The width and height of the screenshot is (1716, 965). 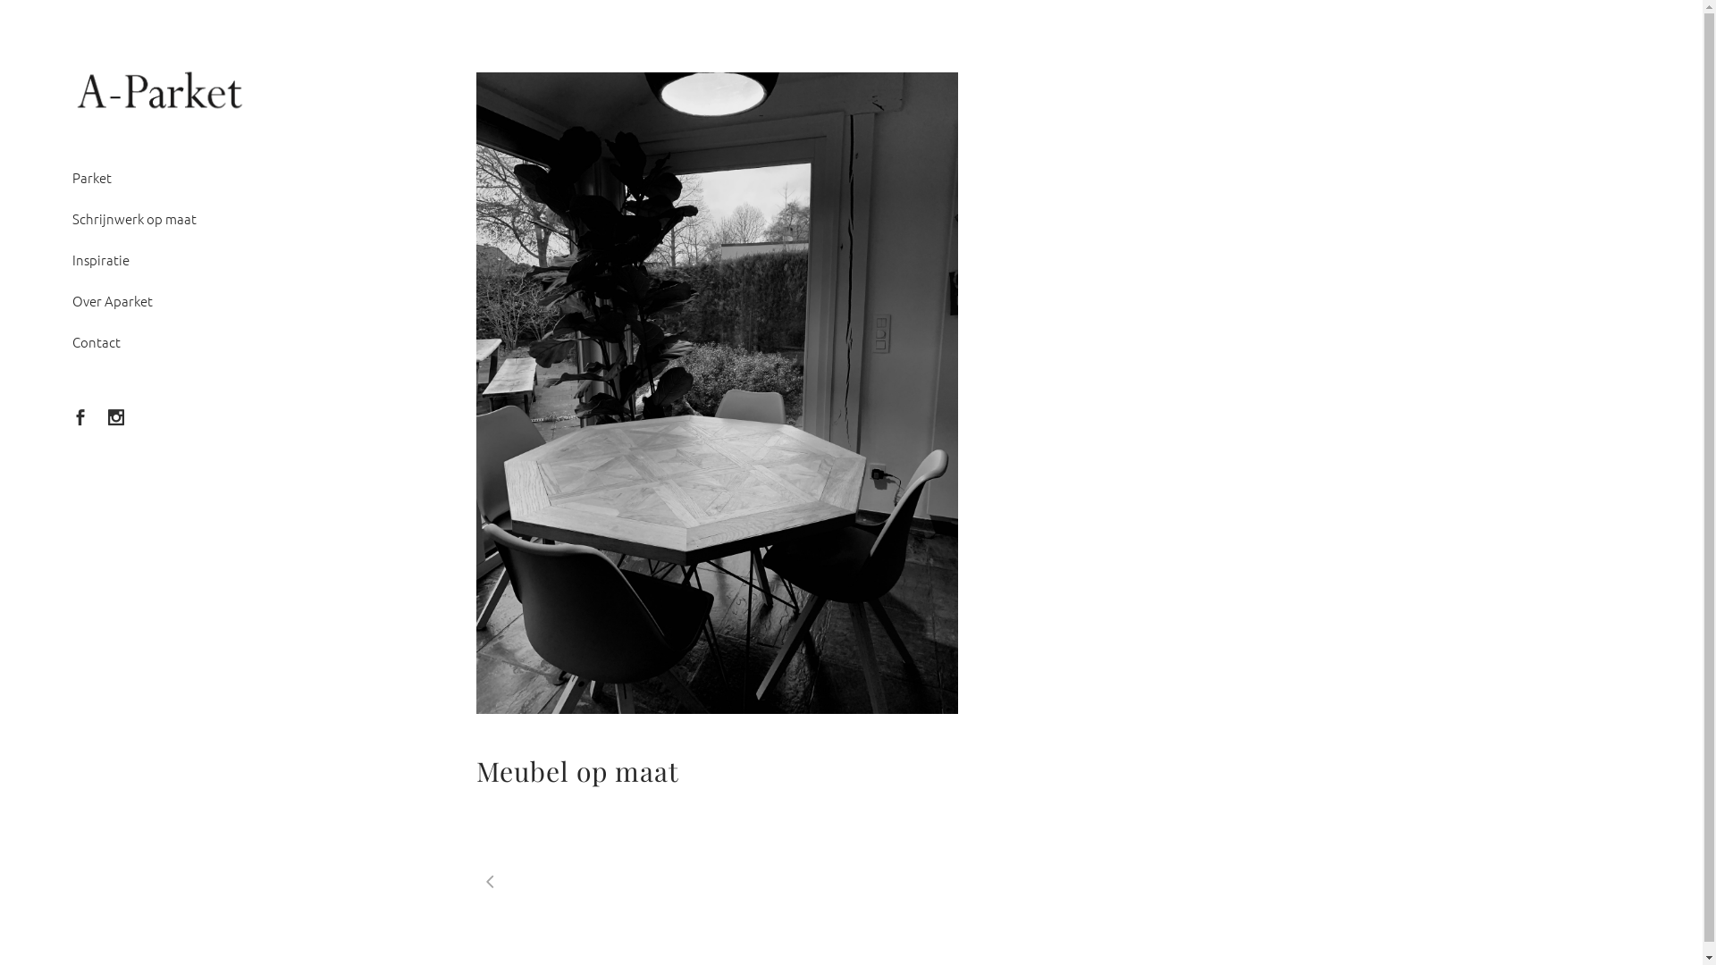 What do you see at coordinates (71, 259) in the screenshot?
I see `'Inspiratie'` at bounding box center [71, 259].